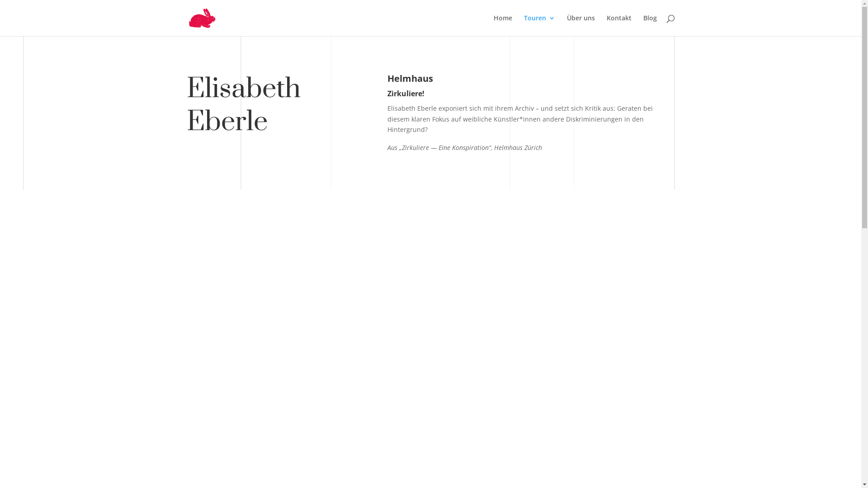 The height and width of the screenshot is (488, 868). Describe the element at coordinates (539, 25) in the screenshot. I see `'Touren'` at that location.